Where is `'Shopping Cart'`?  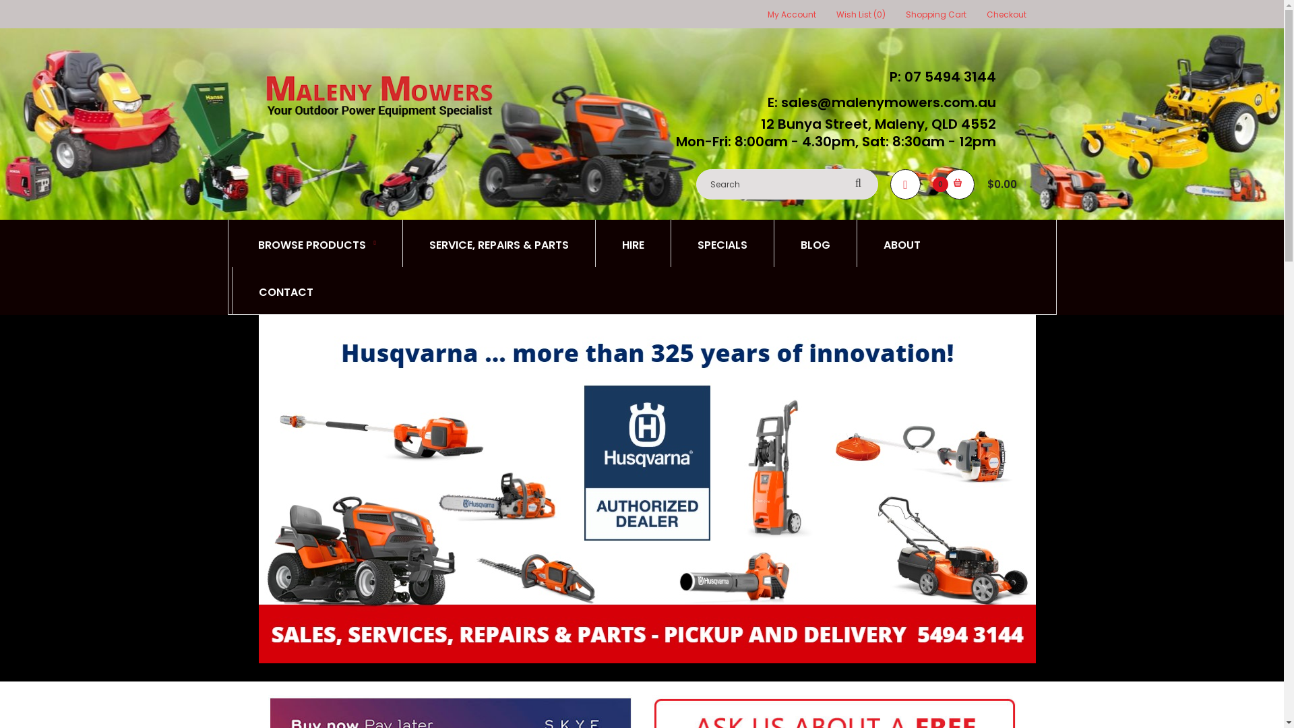
'Shopping Cart' is located at coordinates (906, 14).